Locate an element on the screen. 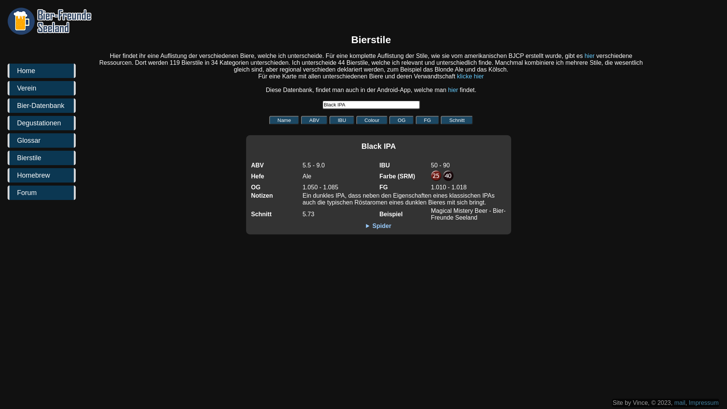  'FG' is located at coordinates (427, 120).